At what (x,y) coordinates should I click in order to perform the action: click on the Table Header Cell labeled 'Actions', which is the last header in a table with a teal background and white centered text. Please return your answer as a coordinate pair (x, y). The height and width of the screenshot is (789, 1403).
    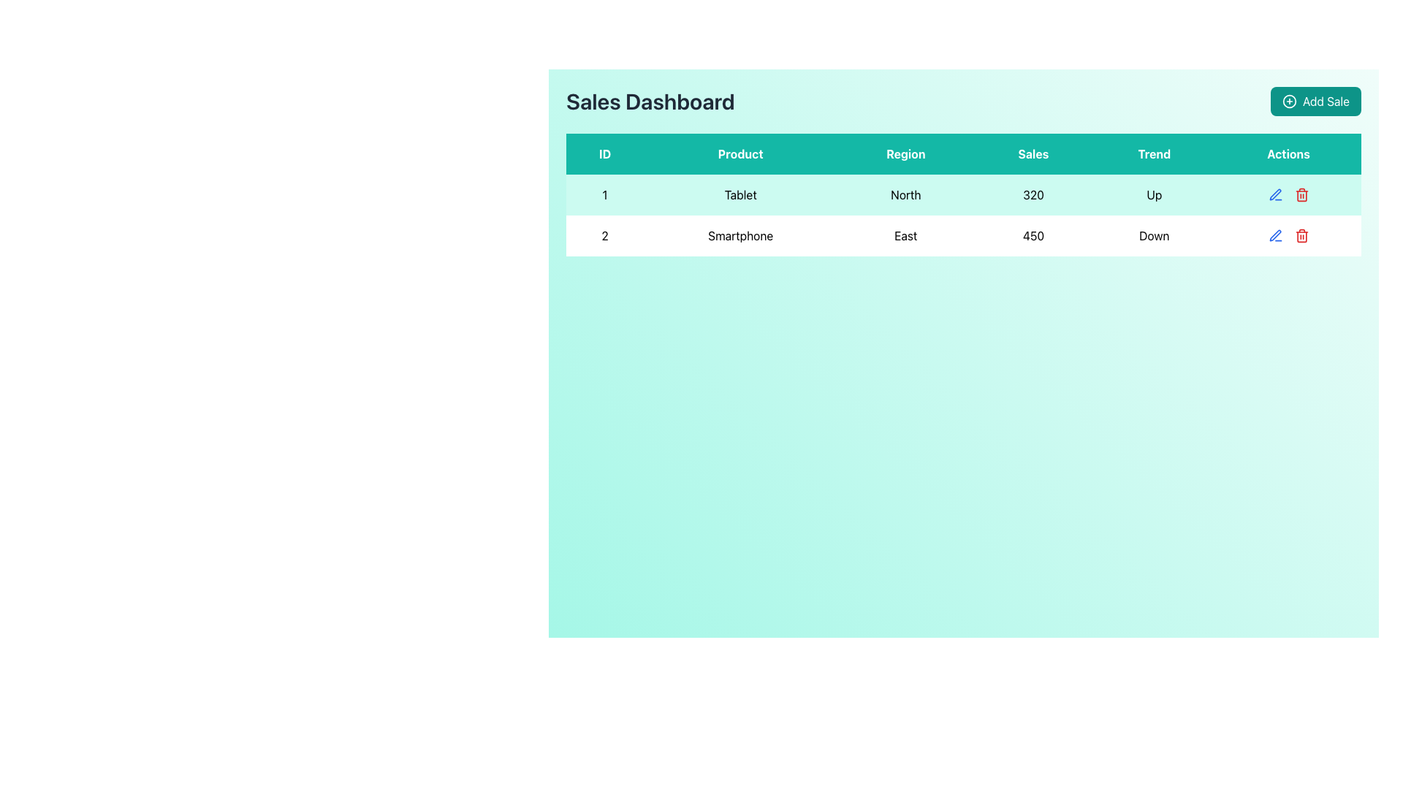
    Looking at the image, I should click on (1288, 154).